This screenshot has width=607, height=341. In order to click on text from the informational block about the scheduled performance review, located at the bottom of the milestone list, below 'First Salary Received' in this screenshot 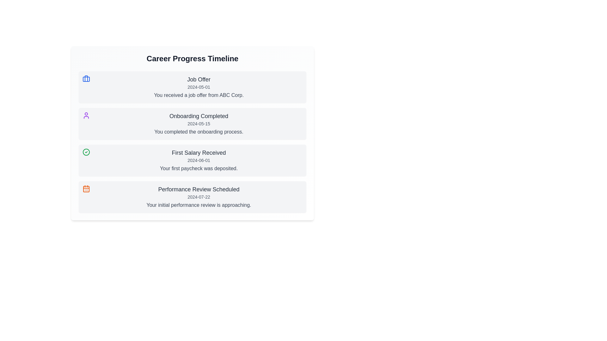, I will do `click(198, 197)`.